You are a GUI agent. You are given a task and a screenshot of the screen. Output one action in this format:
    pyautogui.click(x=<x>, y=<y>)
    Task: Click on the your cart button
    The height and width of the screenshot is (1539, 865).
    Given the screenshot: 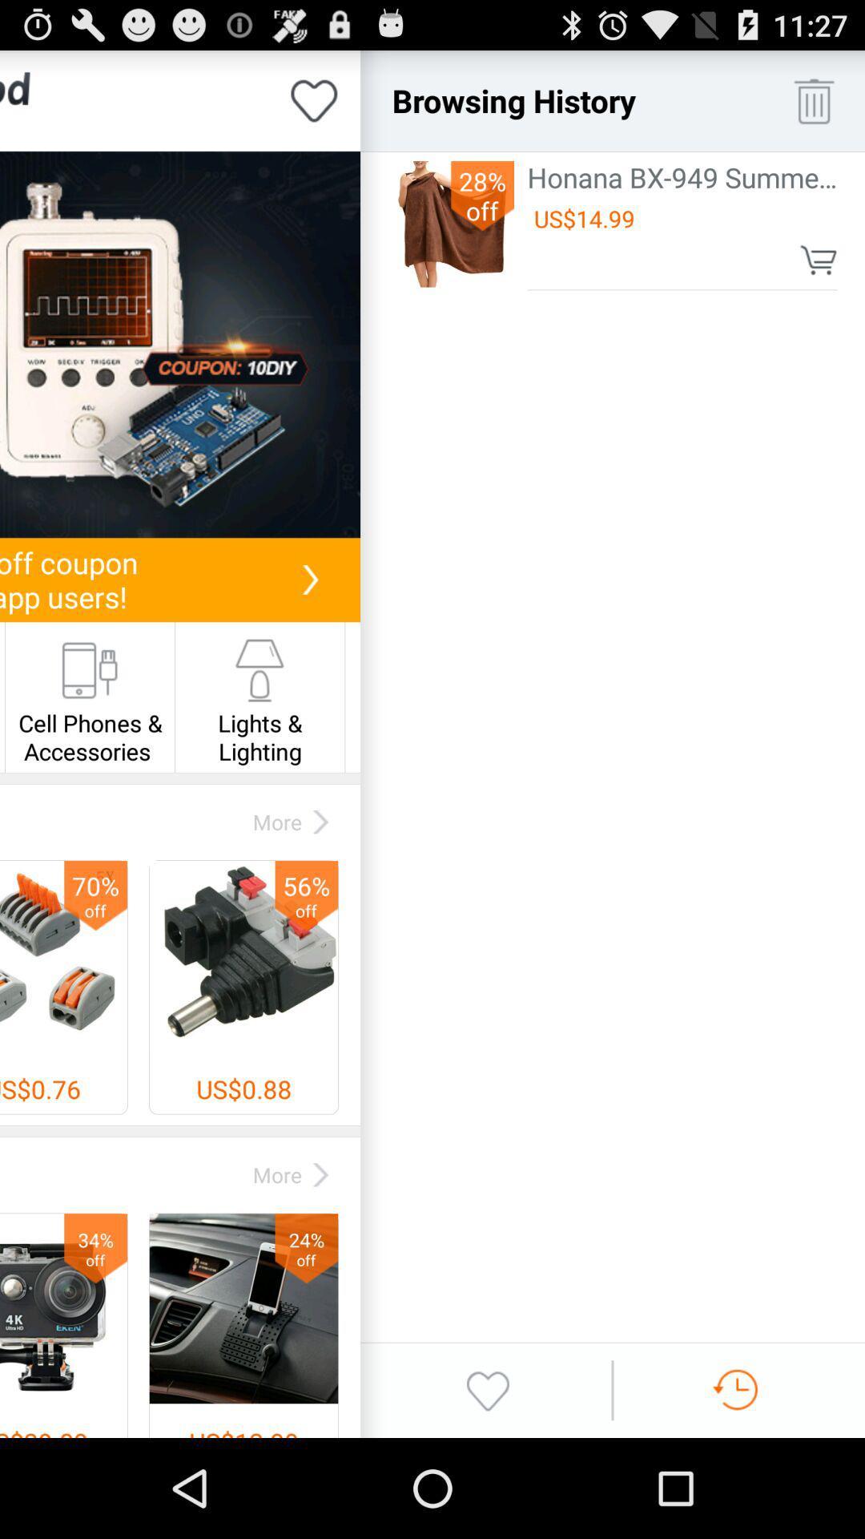 What is the action you would take?
    pyautogui.click(x=818, y=260)
    